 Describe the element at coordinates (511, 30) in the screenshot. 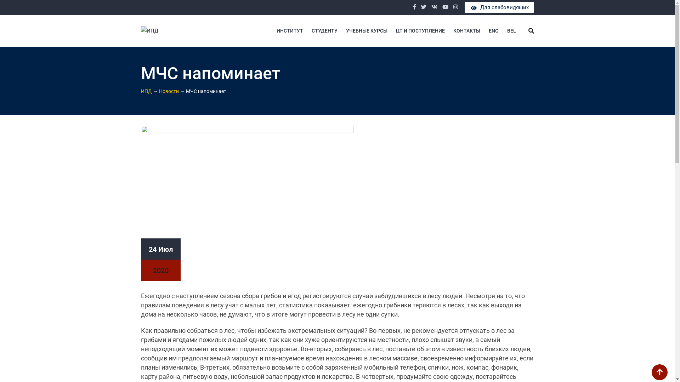

I see `'BEL'` at that location.